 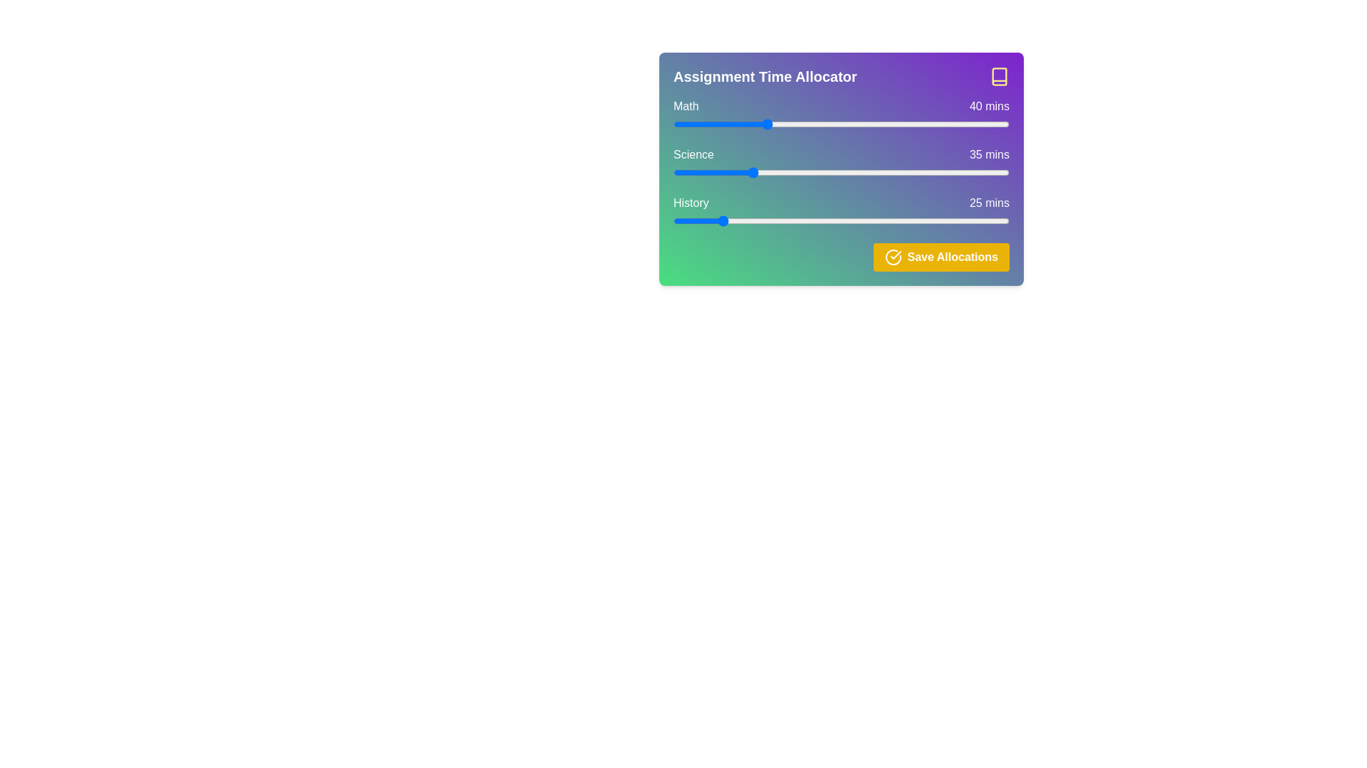 What do you see at coordinates (988, 203) in the screenshot?
I see `the text label displaying '25 mins' which is styled in white text over a gradient background, aligned to the right of the 'History' label in the 'Assignment Time Allocator' section` at bounding box center [988, 203].